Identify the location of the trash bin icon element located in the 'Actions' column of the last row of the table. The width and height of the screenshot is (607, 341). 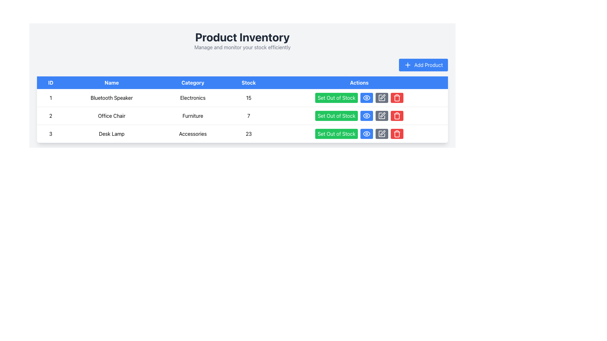
(397, 99).